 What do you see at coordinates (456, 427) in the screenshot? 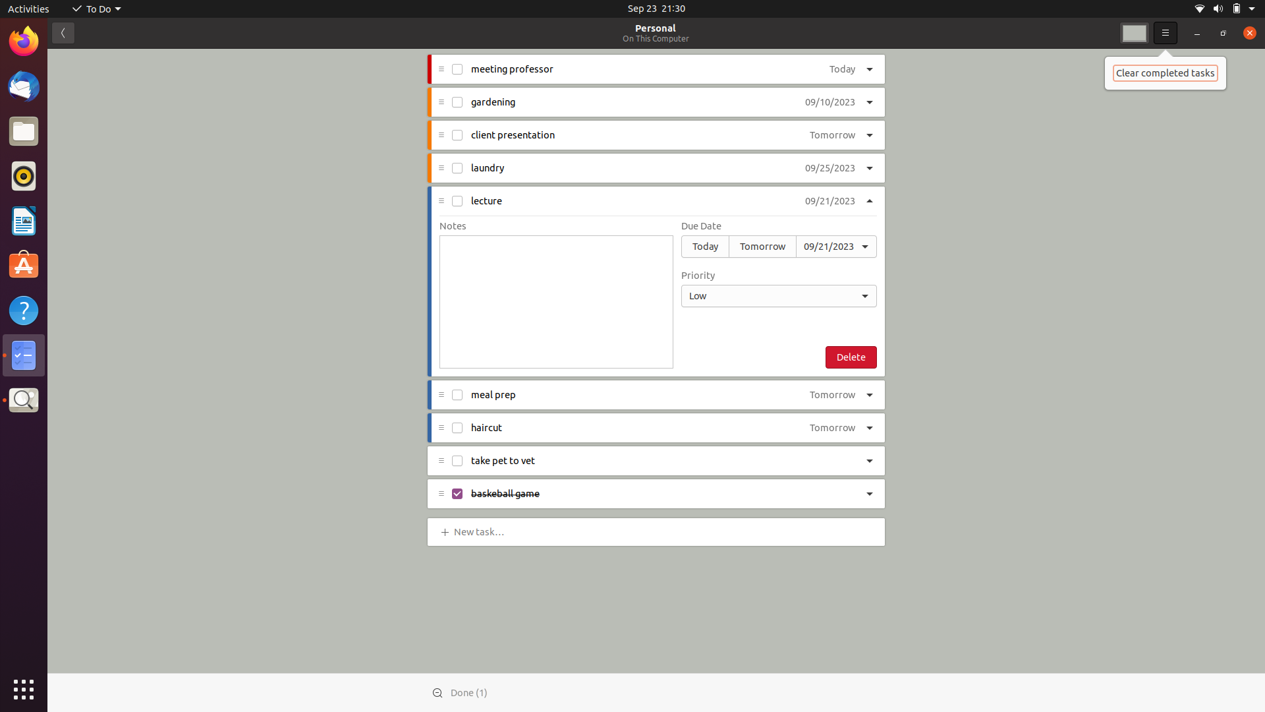
I see `Checkmark the task named "haircut" as finished` at bounding box center [456, 427].